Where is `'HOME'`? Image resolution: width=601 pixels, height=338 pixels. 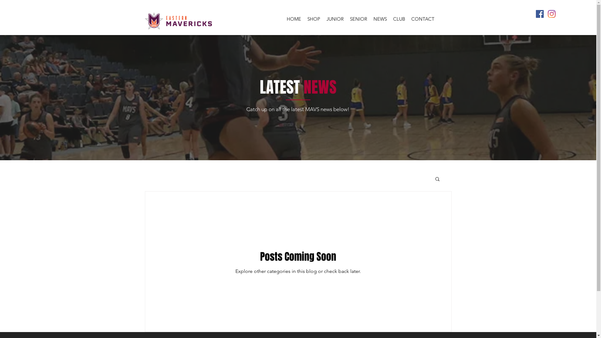
'HOME' is located at coordinates (294, 18).